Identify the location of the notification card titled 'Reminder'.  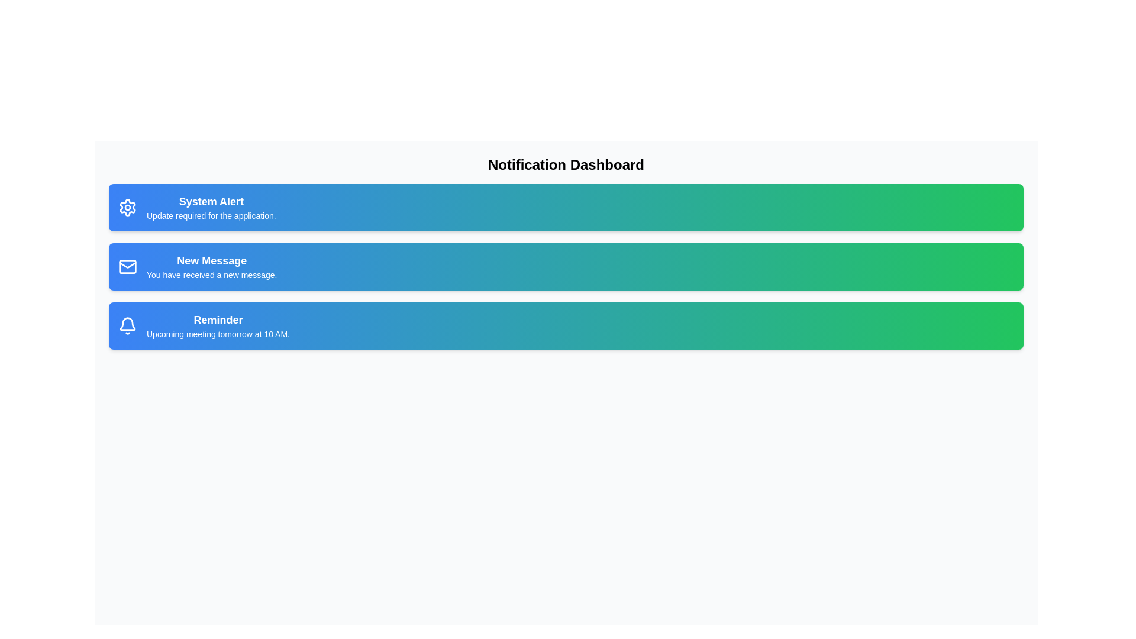
(565, 326).